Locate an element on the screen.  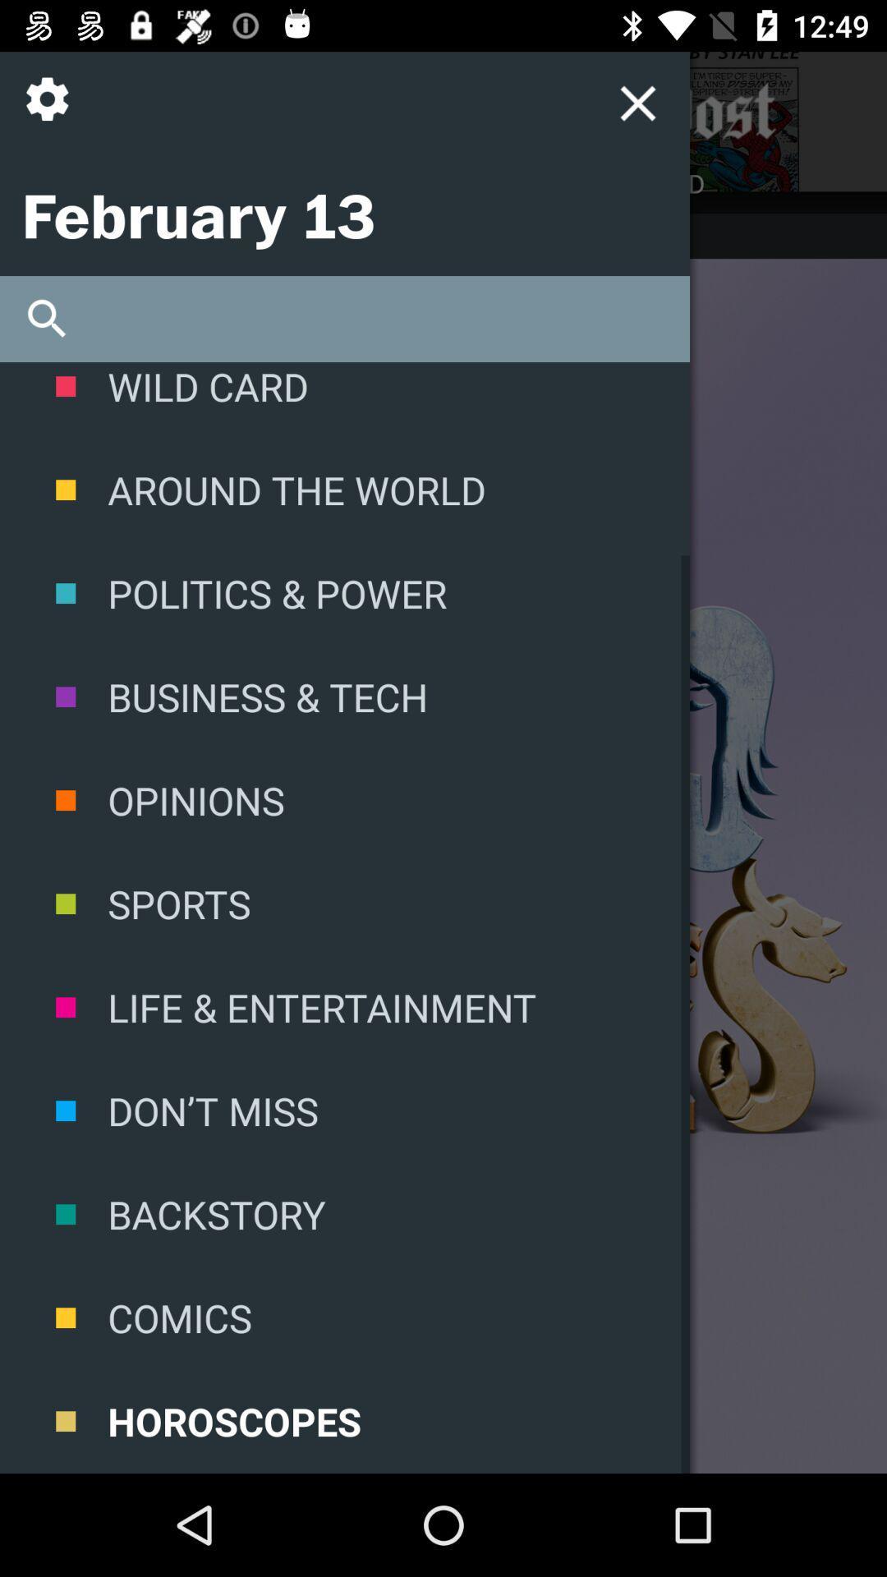
search bar is located at coordinates (344, 319).